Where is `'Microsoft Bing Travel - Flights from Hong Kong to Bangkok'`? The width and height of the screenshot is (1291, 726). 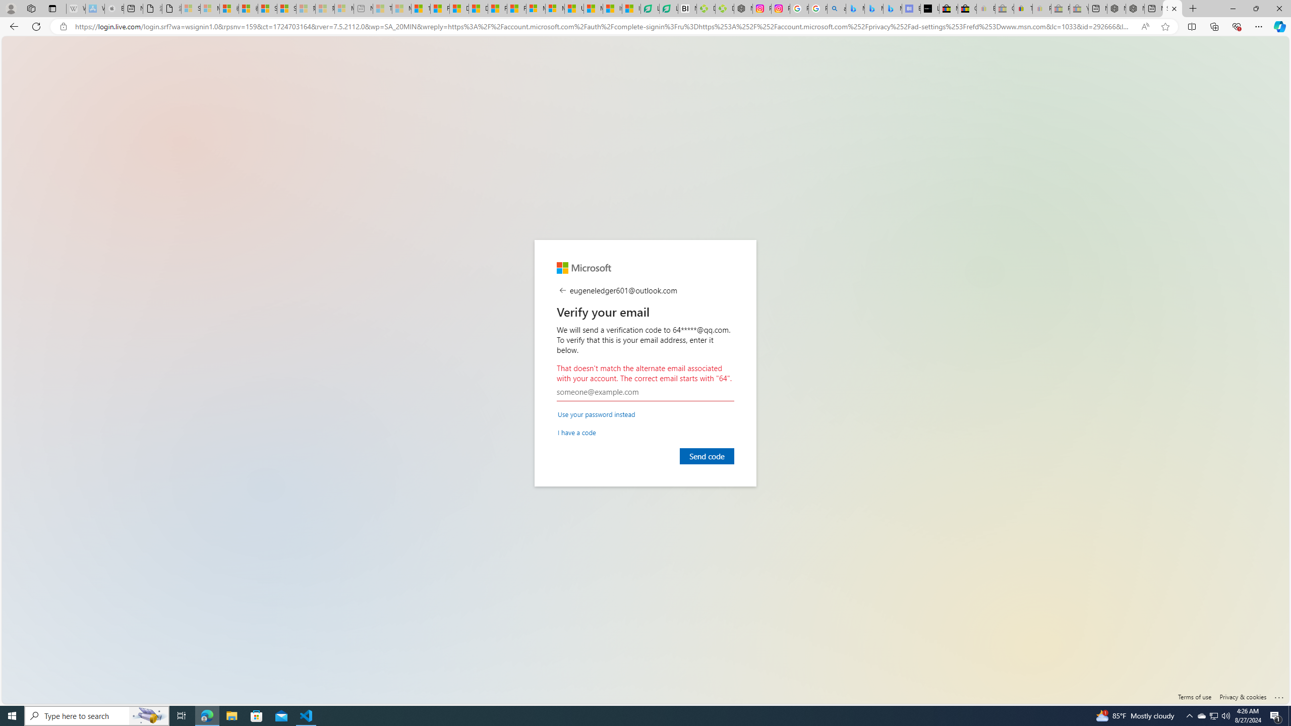
'Microsoft Bing Travel - Flights from Hong Kong to Bangkok' is located at coordinates (855, 8).